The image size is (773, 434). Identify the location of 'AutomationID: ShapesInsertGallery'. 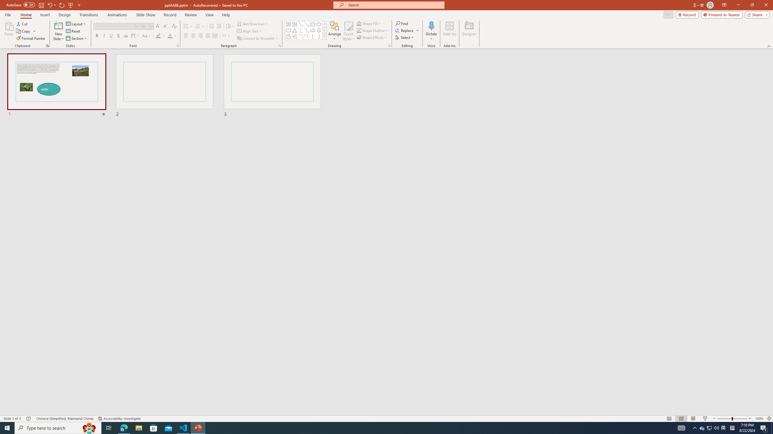
(306, 30).